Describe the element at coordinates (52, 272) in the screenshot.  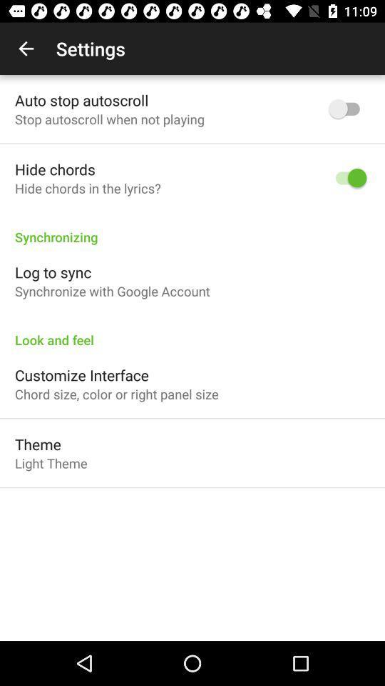
I see `the icon above the synchronize with google icon` at that location.